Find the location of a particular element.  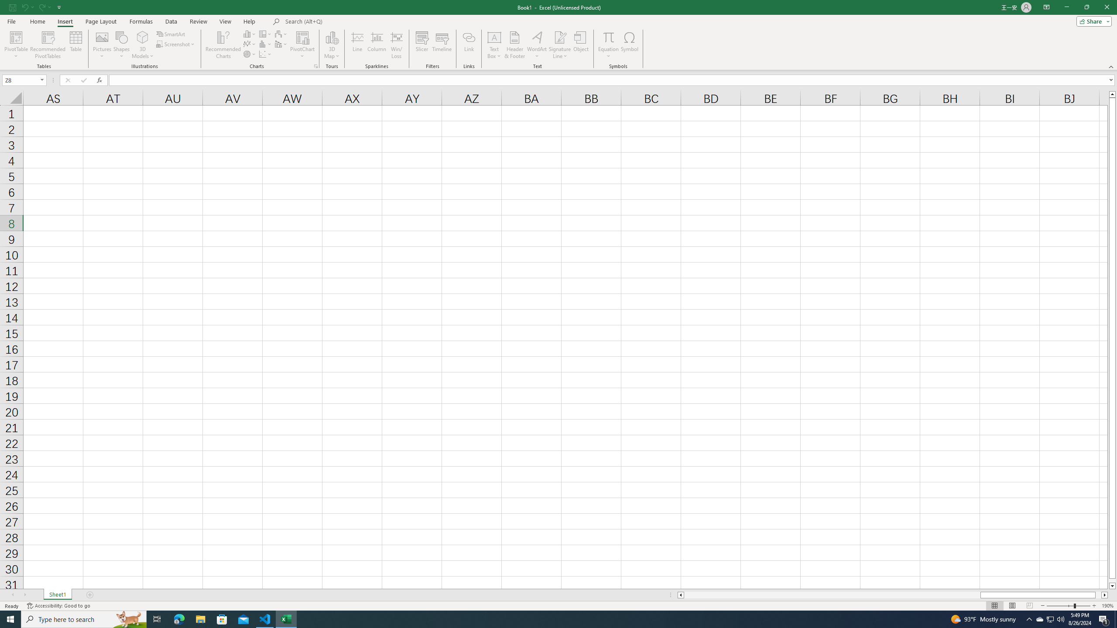

'3D Map' is located at coordinates (331, 37).